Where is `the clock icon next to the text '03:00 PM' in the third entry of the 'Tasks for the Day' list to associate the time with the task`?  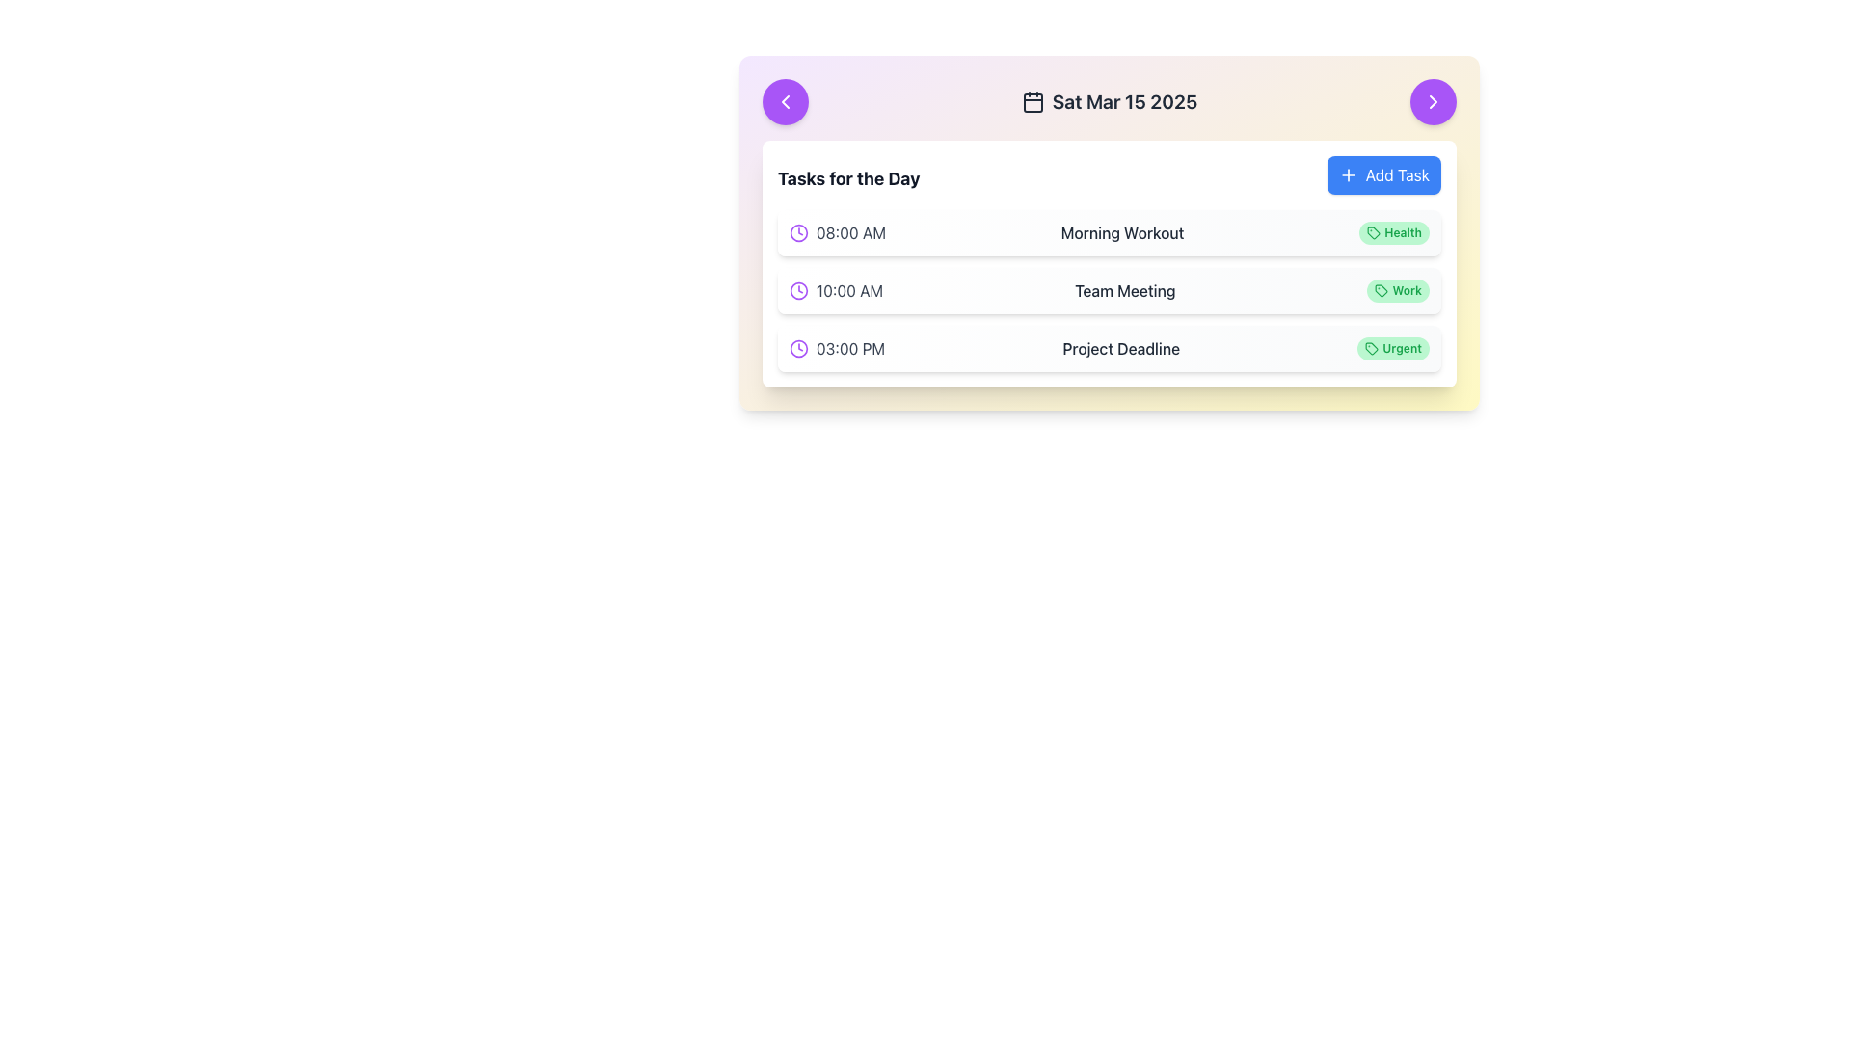
the clock icon next to the text '03:00 PM' in the third entry of the 'Tasks for the Day' list to associate the time with the task is located at coordinates (837, 349).